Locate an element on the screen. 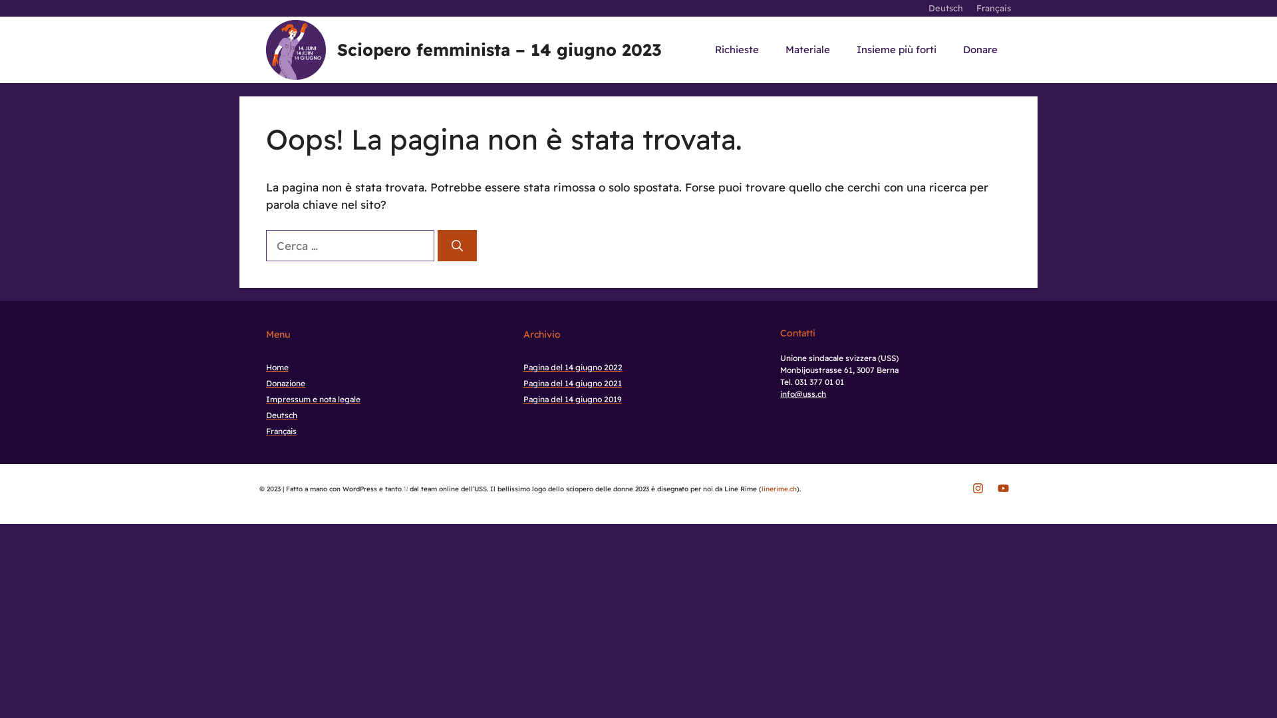 Image resolution: width=1277 pixels, height=718 pixels. 'linerime.ch' is located at coordinates (762, 489).